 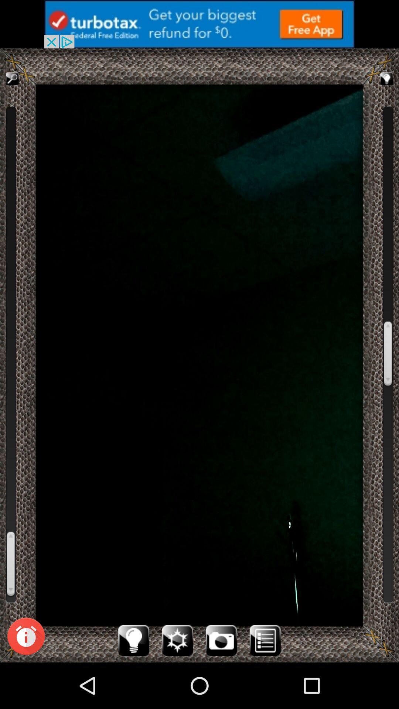 What do you see at coordinates (221, 640) in the screenshot?
I see `camera icon` at bounding box center [221, 640].